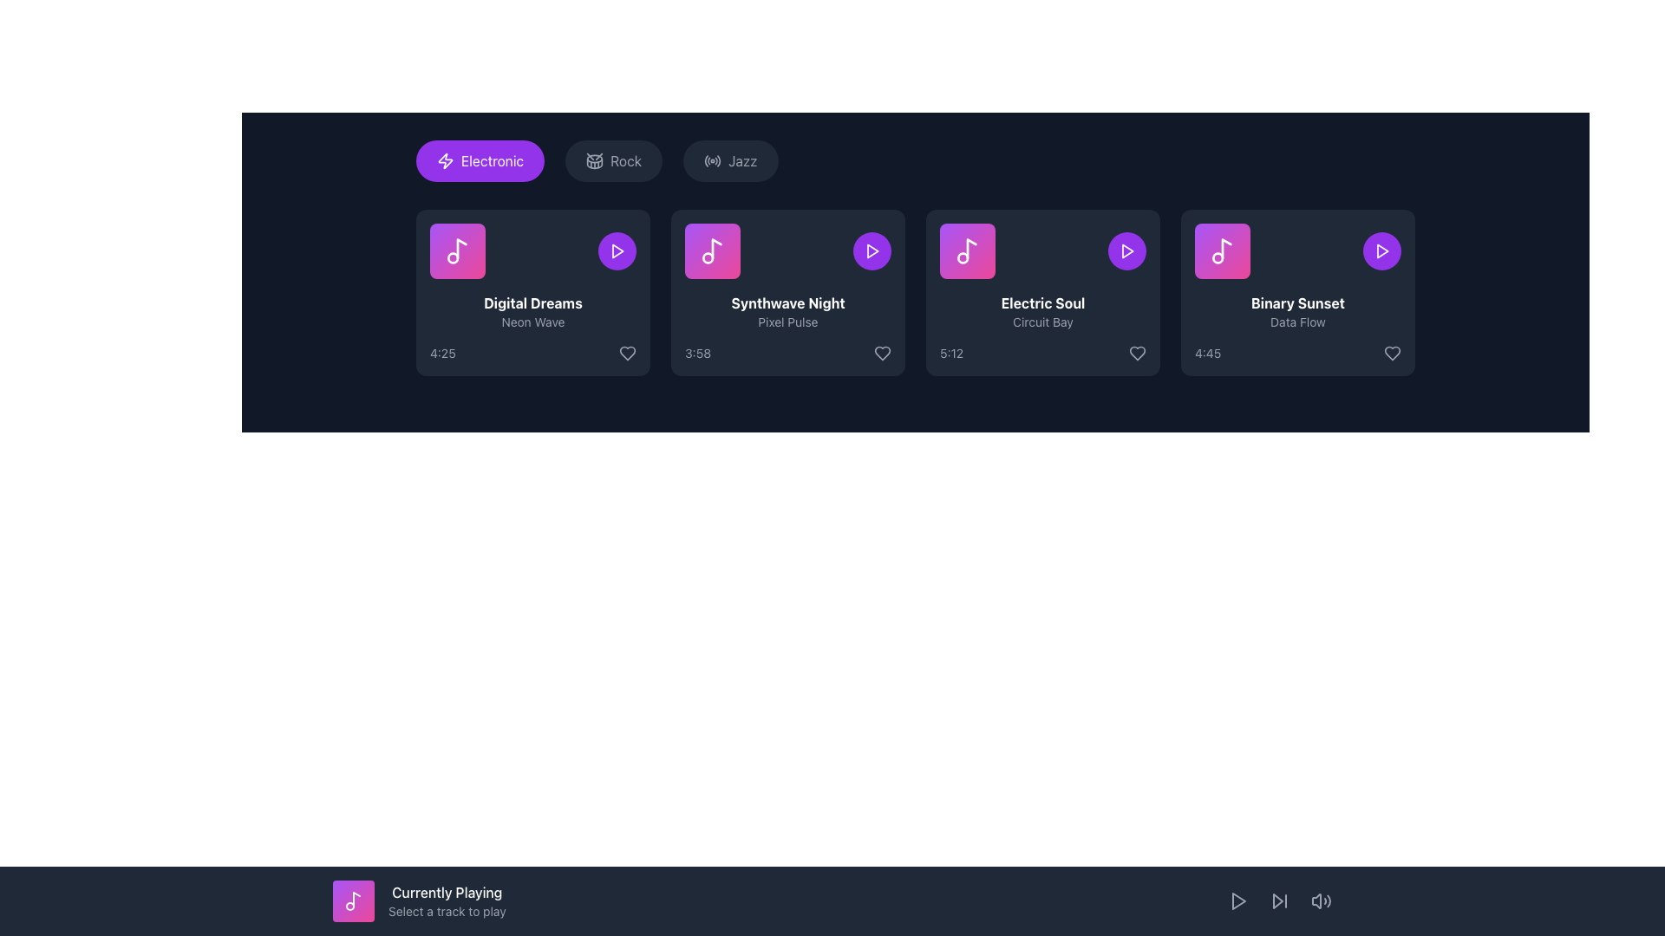  Describe the element at coordinates (1393, 353) in the screenshot. I see `the 'like' button (heart icon) positioned at the bottom-right of the 'Binary Sunset' track card to observe its color change` at that location.